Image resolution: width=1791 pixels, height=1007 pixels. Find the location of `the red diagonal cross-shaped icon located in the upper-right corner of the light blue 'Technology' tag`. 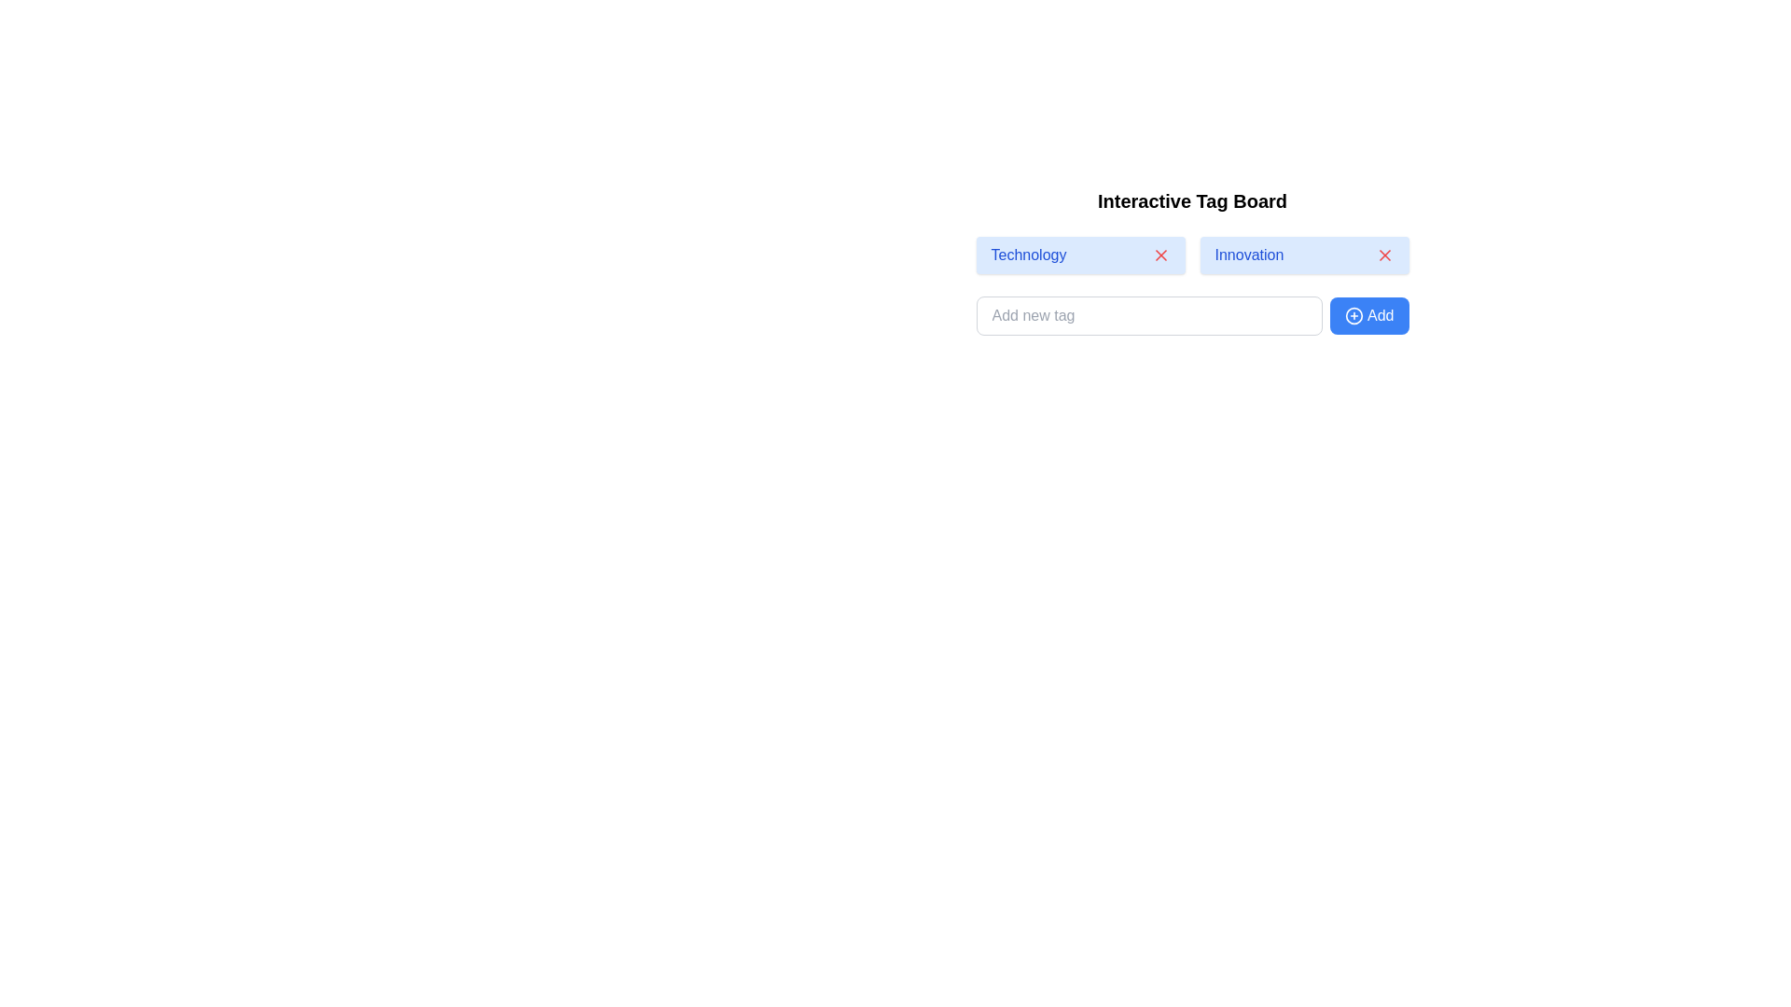

the red diagonal cross-shaped icon located in the upper-right corner of the light blue 'Technology' tag is located at coordinates (1159, 255).